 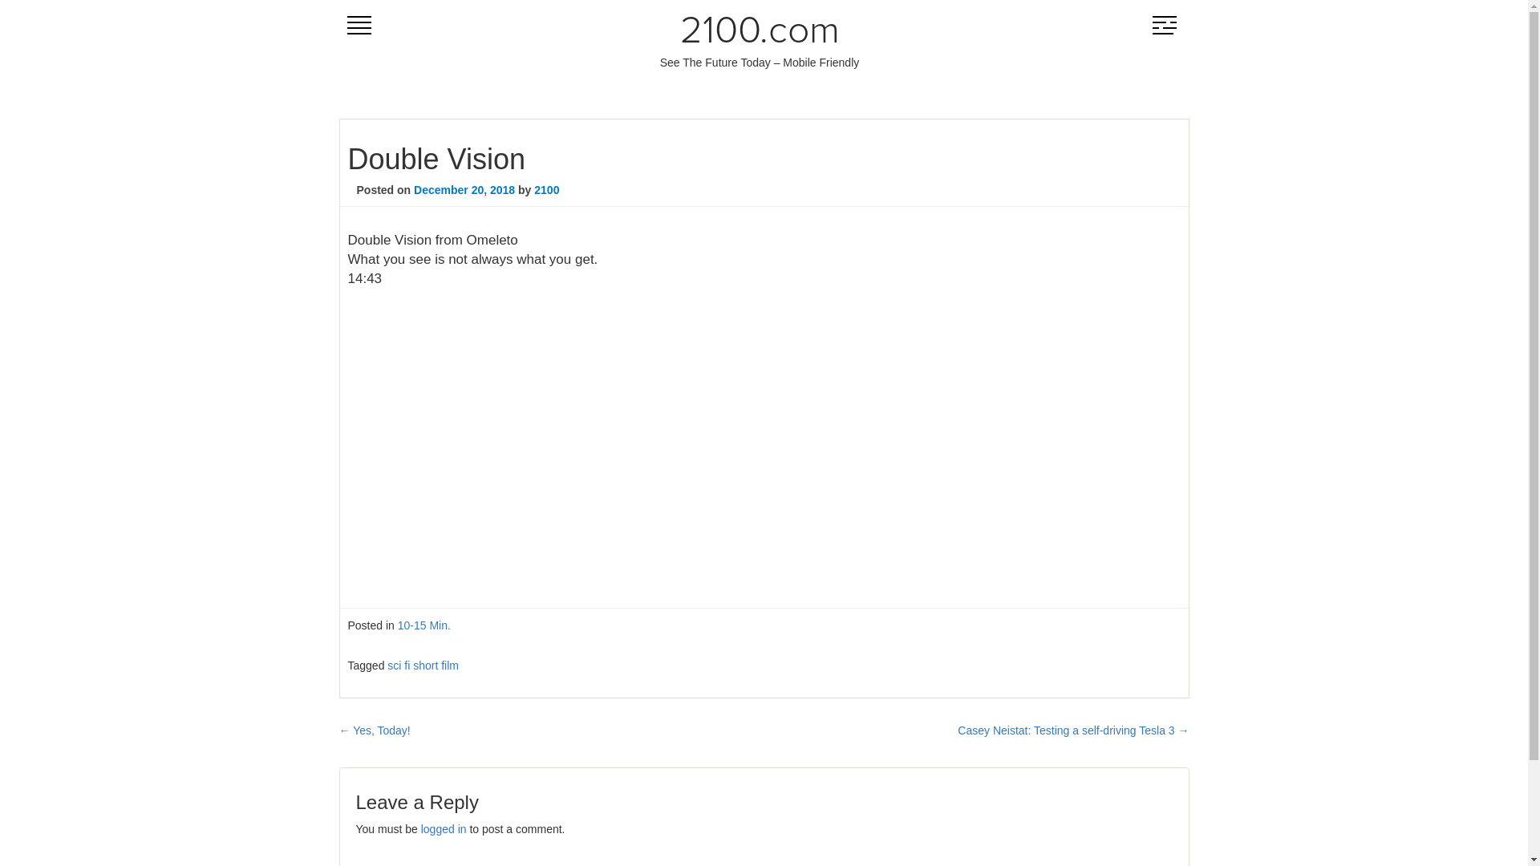 What do you see at coordinates (546, 188) in the screenshot?
I see `'2100'` at bounding box center [546, 188].